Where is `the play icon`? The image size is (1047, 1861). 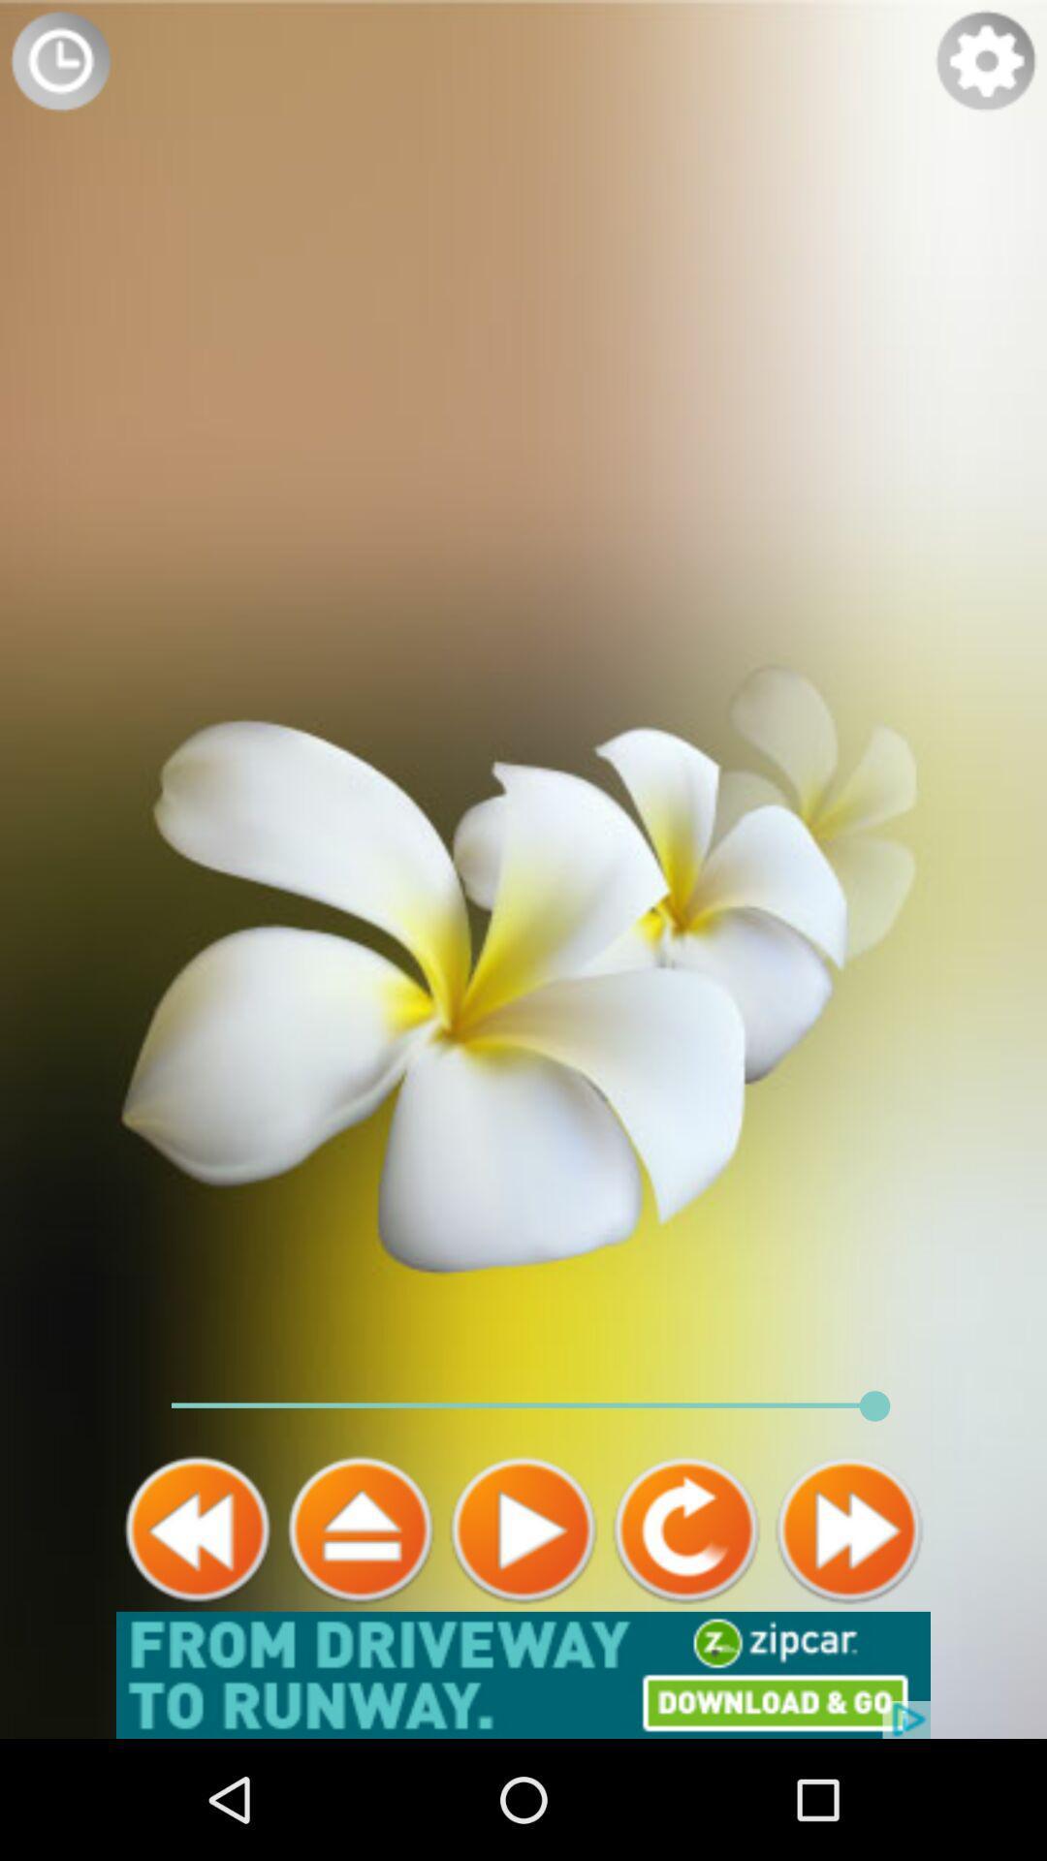 the play icon is located at coordinates (523, 1529).